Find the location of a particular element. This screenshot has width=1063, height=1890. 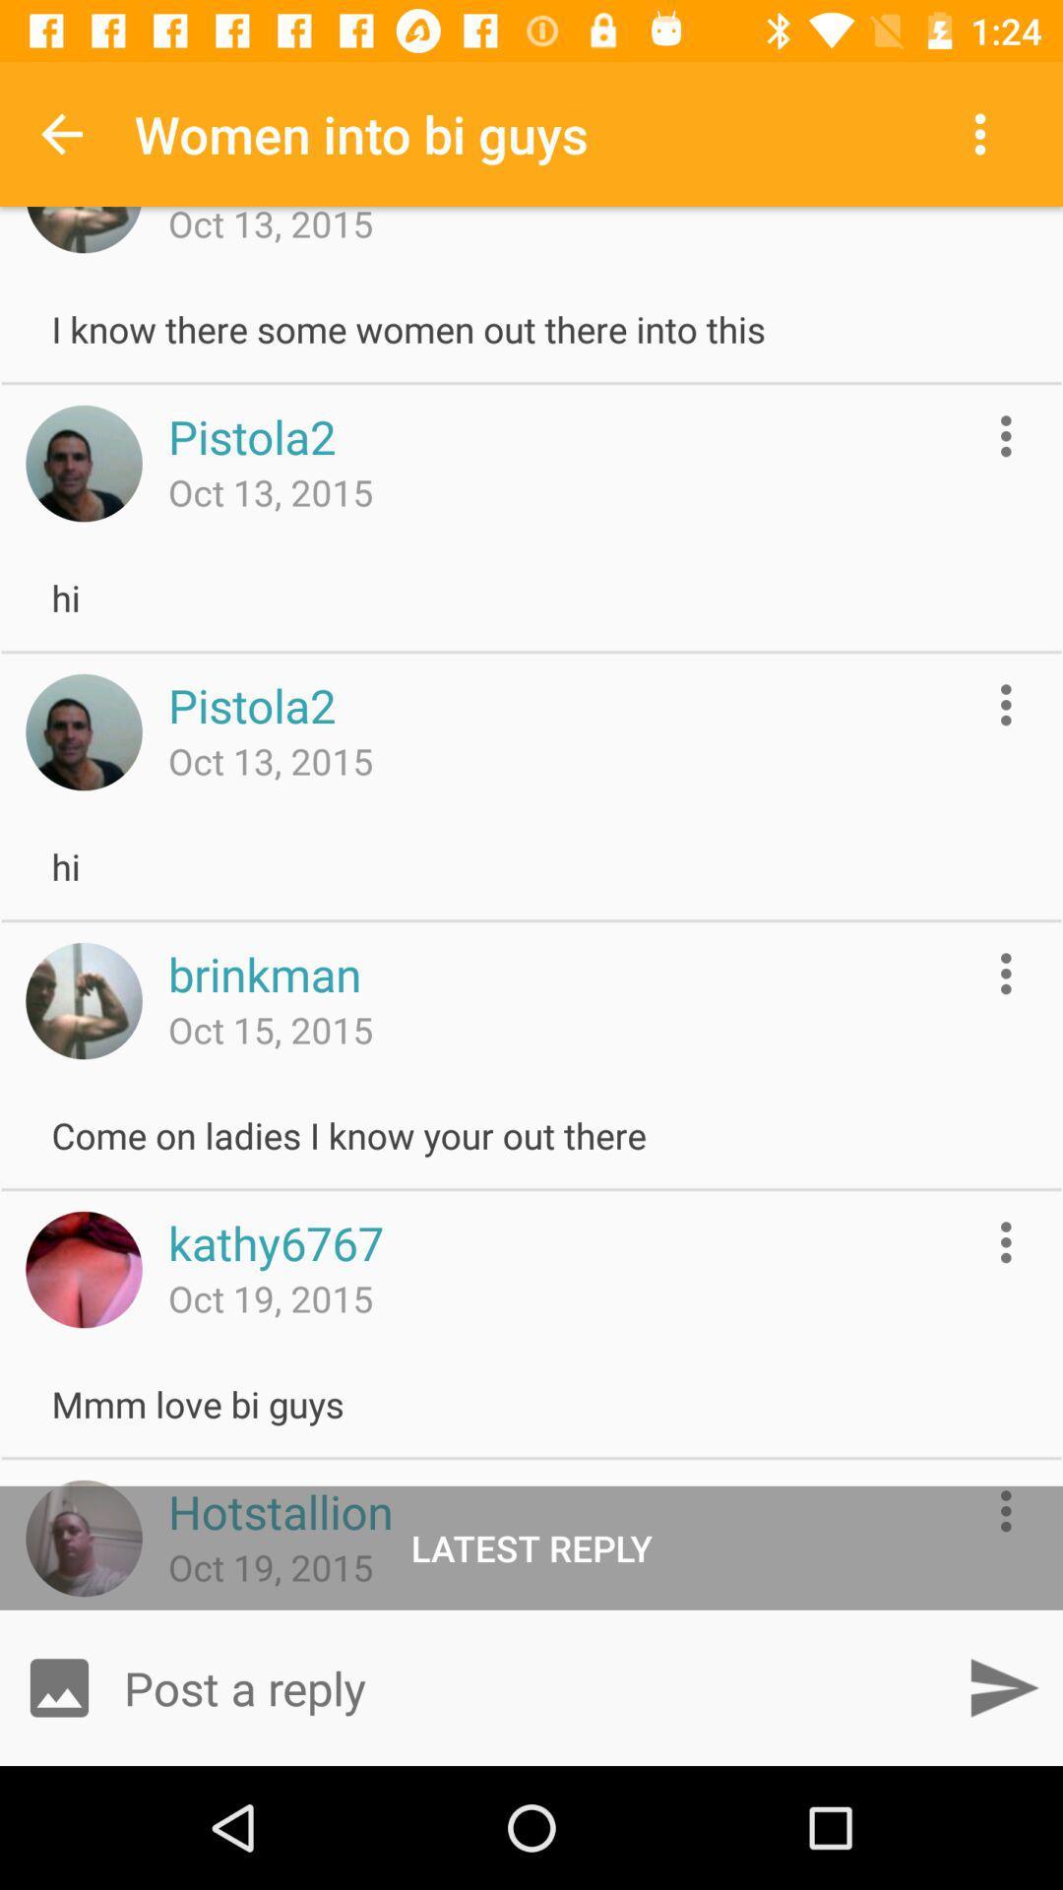

full size profile picture is located at coordinates (83, 731).